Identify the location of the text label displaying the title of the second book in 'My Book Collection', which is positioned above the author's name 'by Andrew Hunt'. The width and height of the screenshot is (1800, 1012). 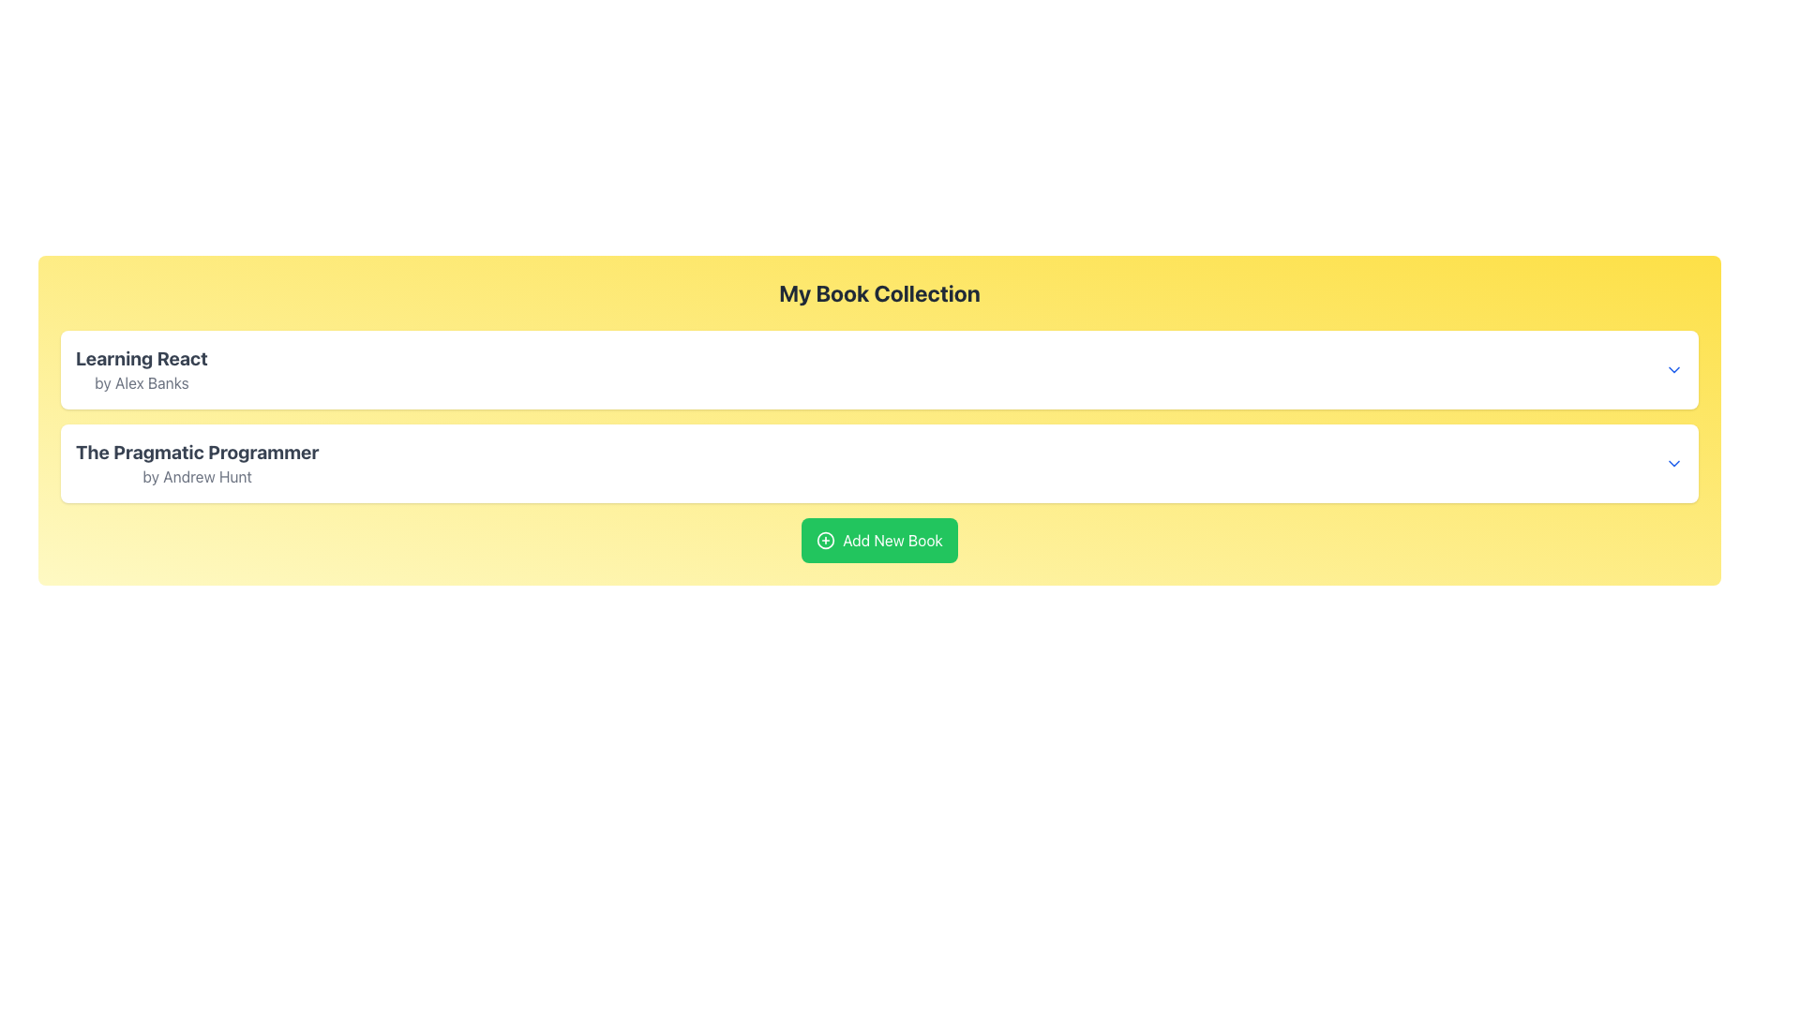
(197, 452).